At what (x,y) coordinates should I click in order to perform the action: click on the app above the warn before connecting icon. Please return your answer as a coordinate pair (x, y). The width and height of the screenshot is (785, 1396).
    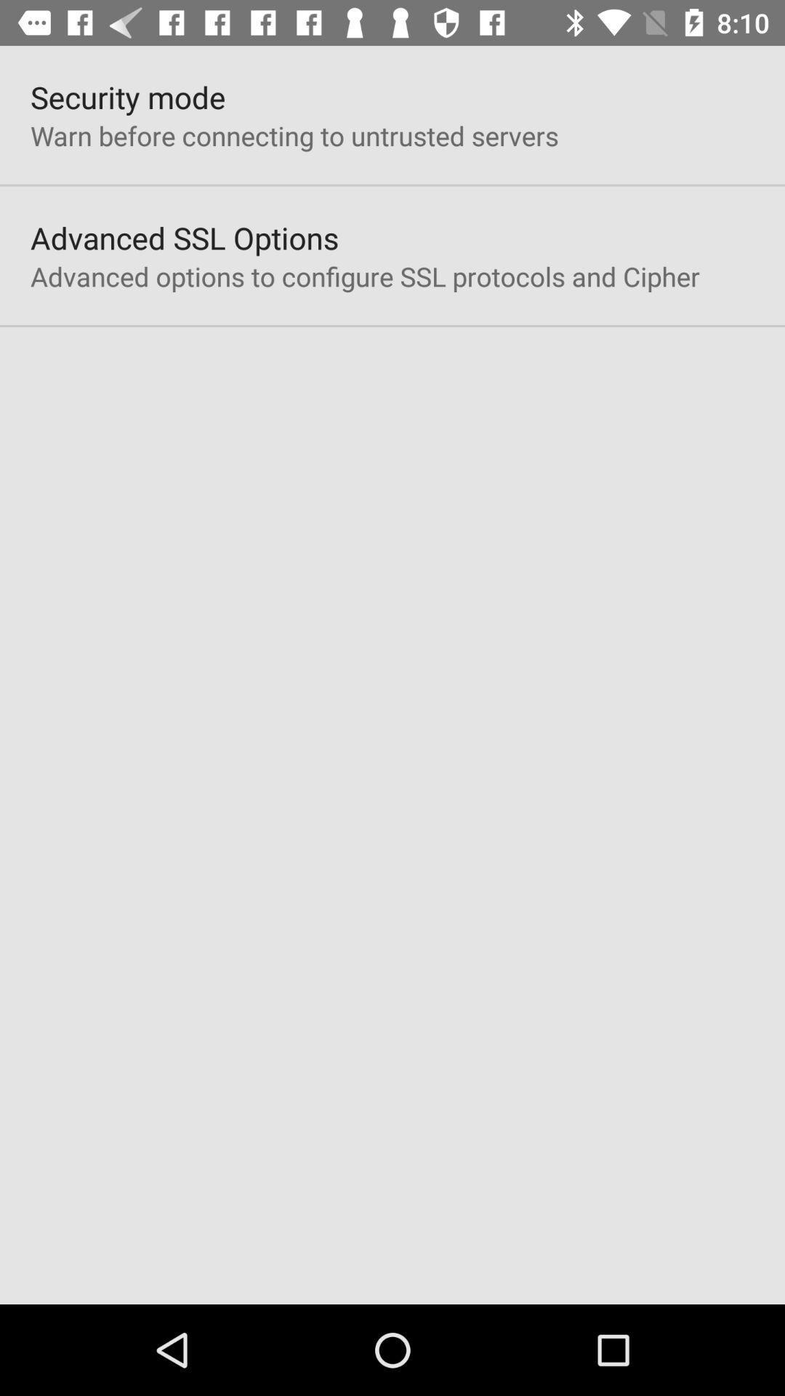
    Looking at the image, I should click on (127, 96).